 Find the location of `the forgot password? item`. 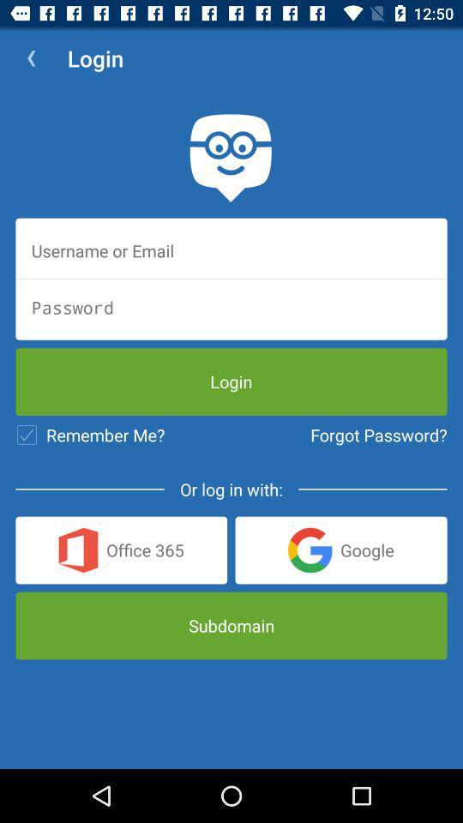

the forgot password? item is located at coordinates (378, 434).